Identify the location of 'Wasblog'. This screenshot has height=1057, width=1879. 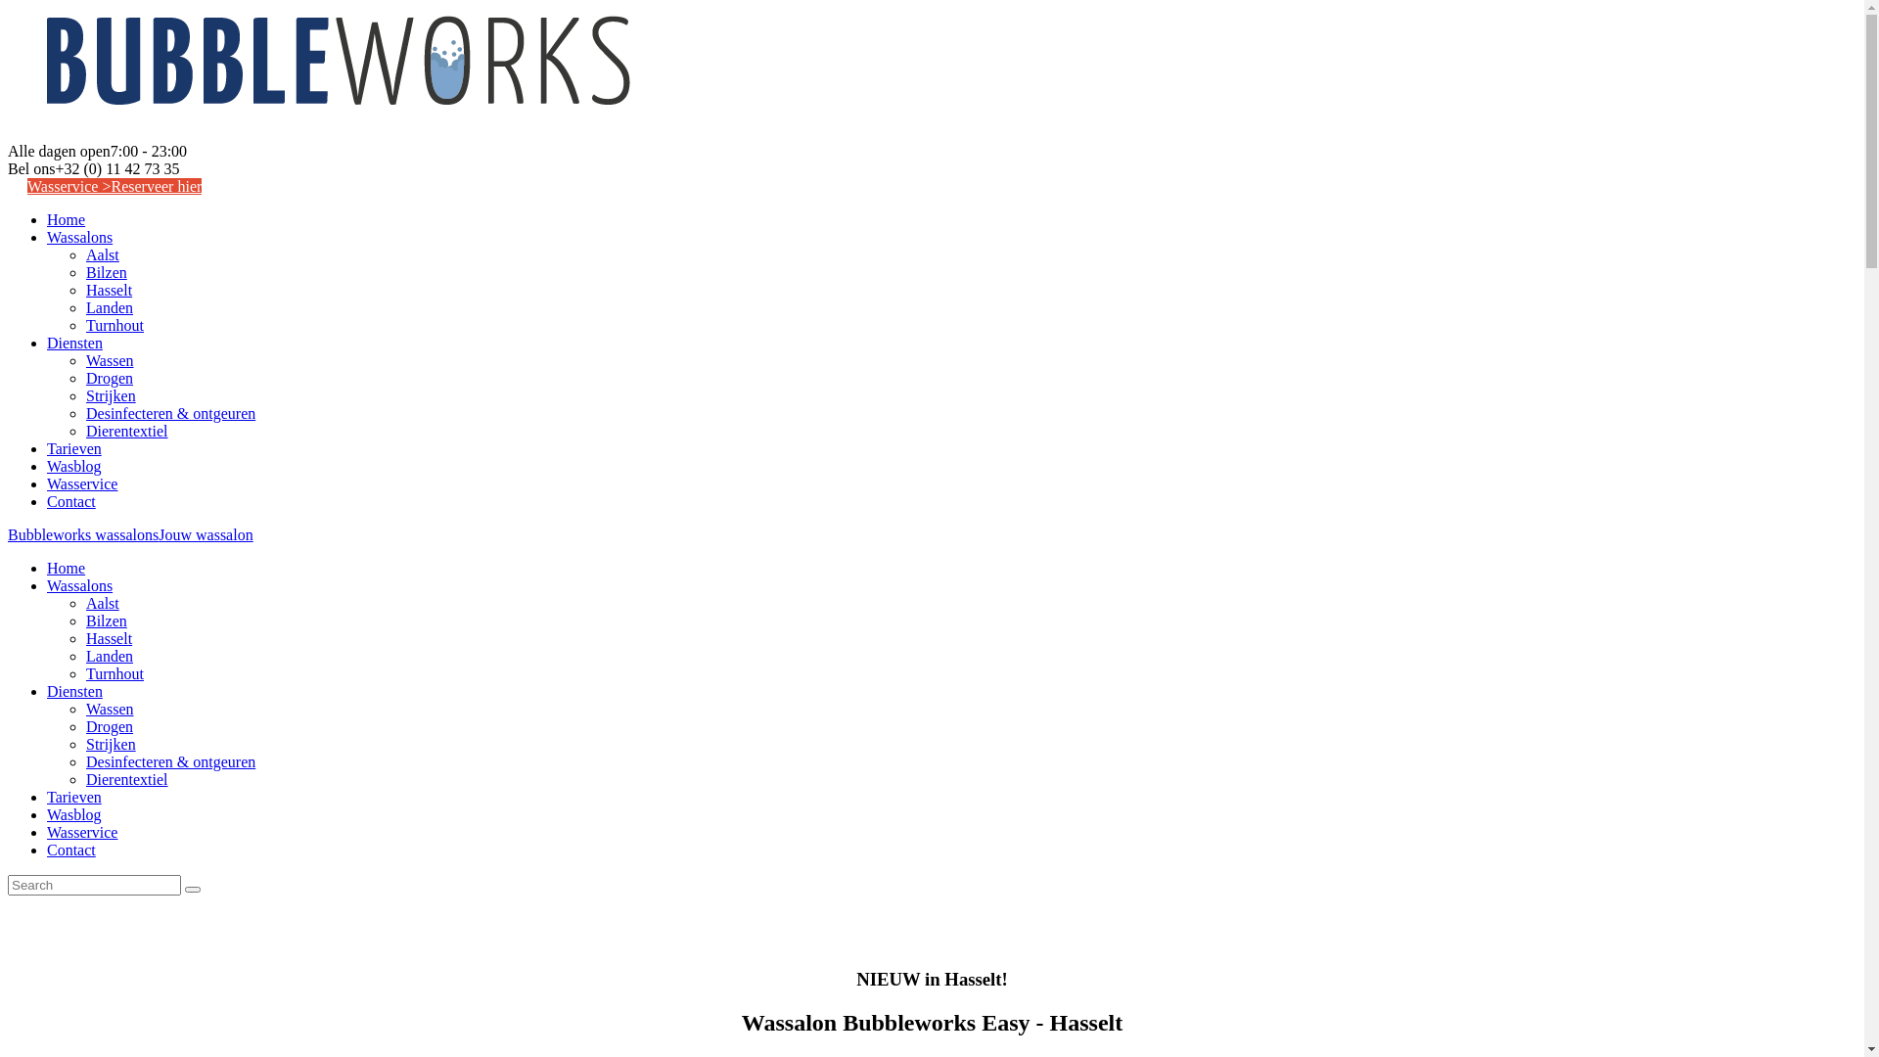
(74, 814).